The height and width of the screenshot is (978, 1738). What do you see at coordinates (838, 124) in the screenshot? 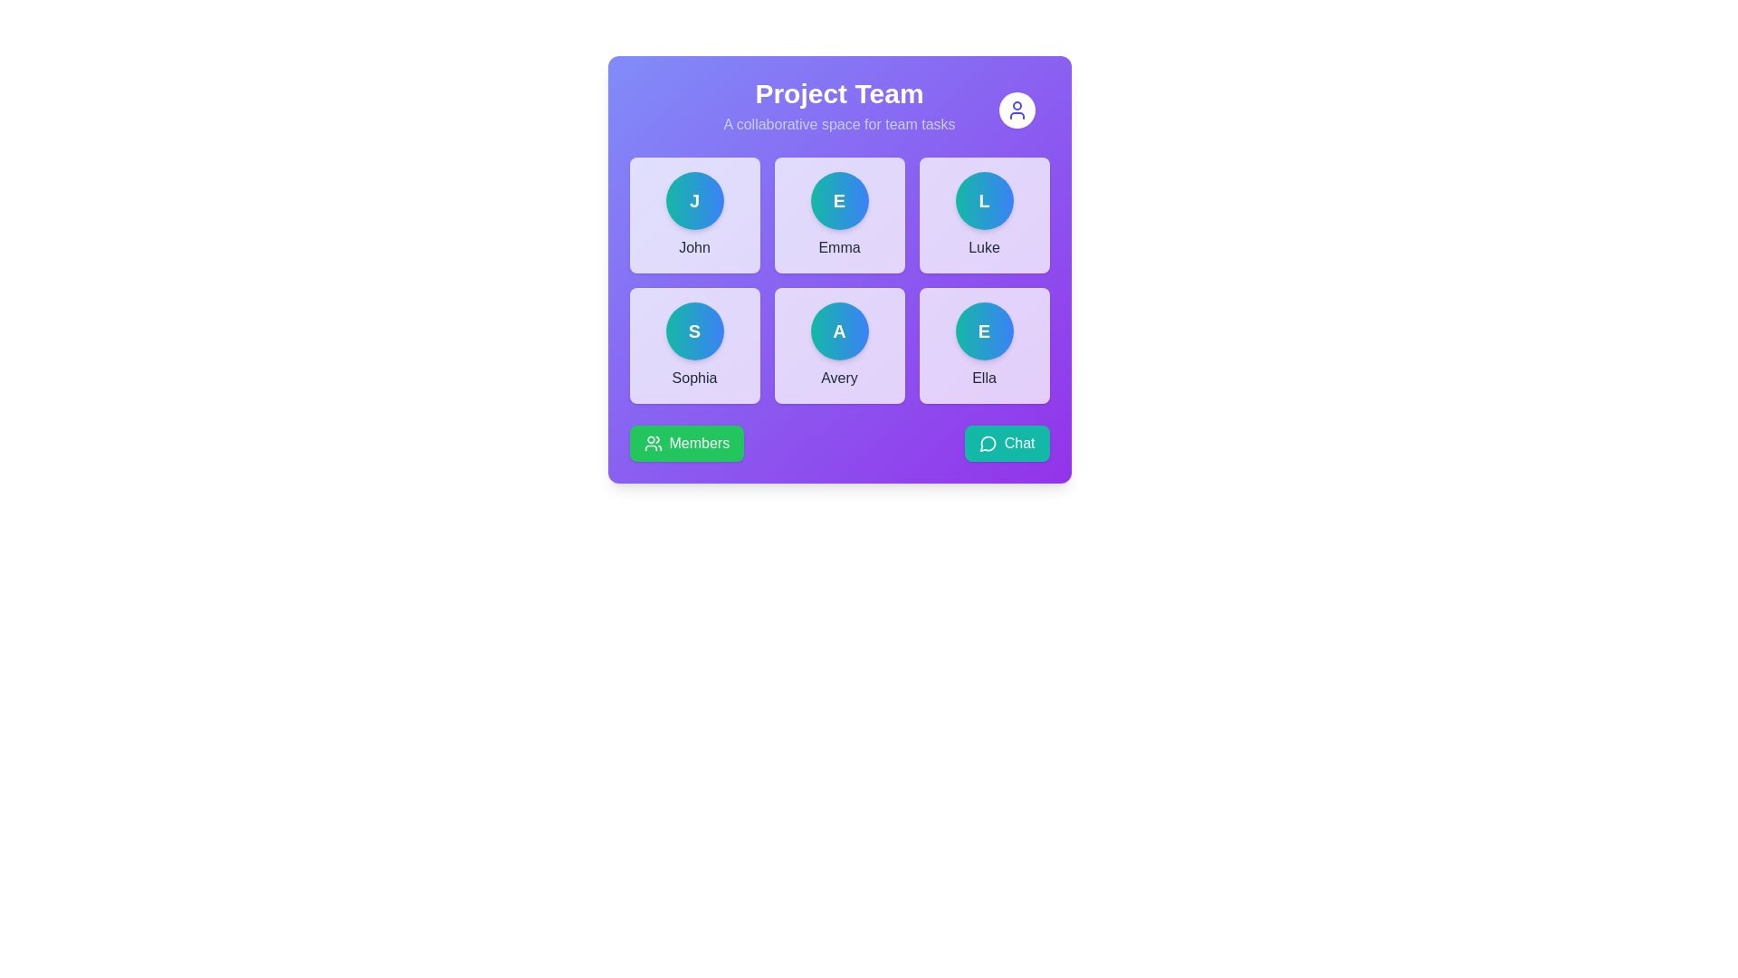
I see `the static text label that reads 'A collaborative space for team tasks', which is styled in soft indigo color and positioned beneath the 'Project Team' title` at bounding box center [838, 124].